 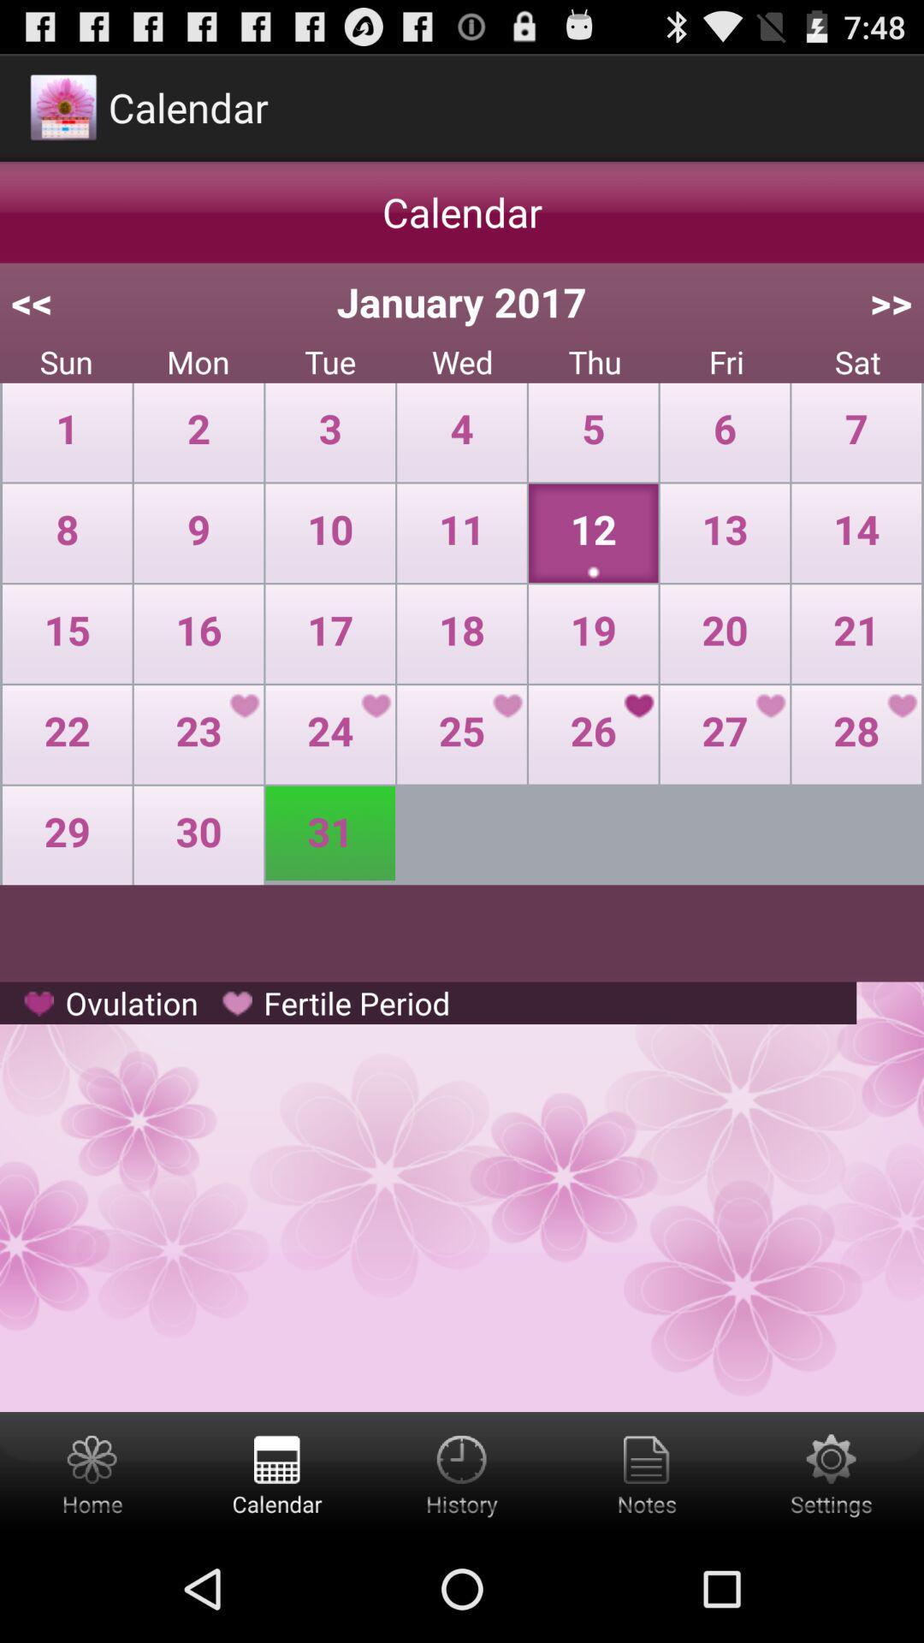 What do you see at coordinates (276, 1473) in the screenshot?
I see `click the calendar option` at bounding box center [276, 1473].